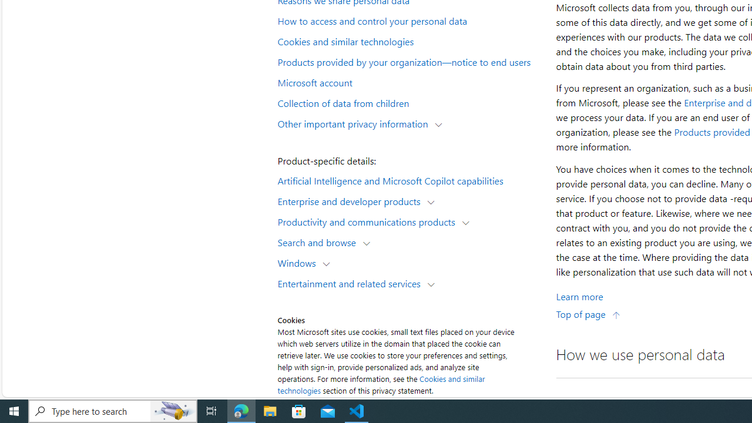 The width and height of the screenshot is (752, 423). What do you see at coordinates (588, 313) in the screenshot?
I see `'Top of page'` at bounding box center [588, 313].